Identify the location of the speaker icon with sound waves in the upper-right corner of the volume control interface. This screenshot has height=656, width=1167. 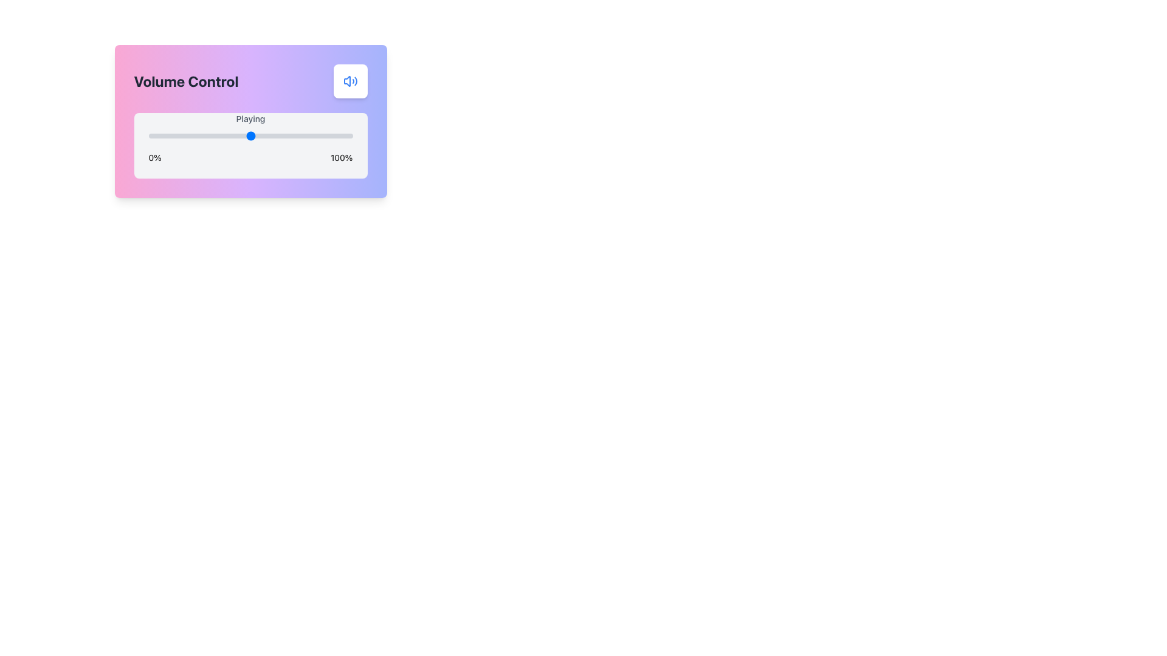
(346, 81).